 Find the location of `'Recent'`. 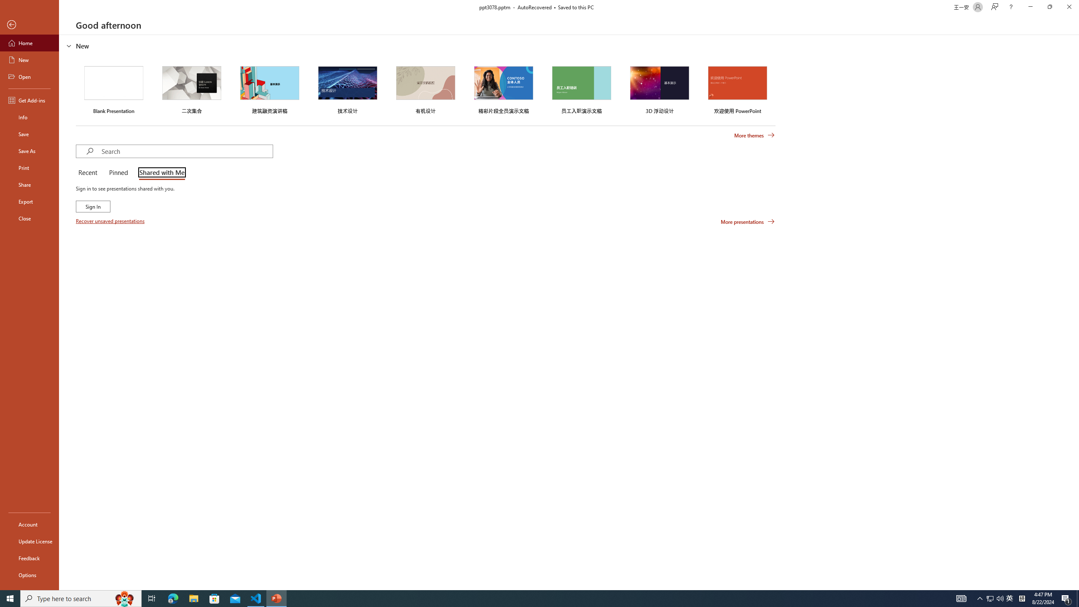

'Recent' is located at coordinates (89, 173).